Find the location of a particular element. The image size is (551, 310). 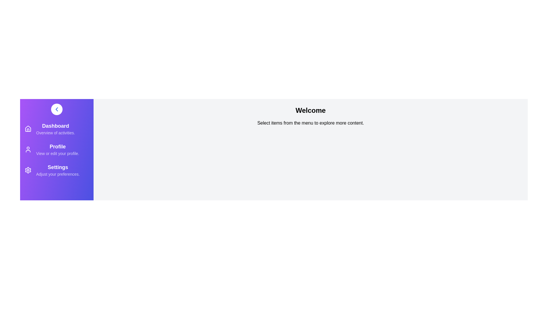

the menu item Profile to view its hover effects is located at coordinates (28, 149).